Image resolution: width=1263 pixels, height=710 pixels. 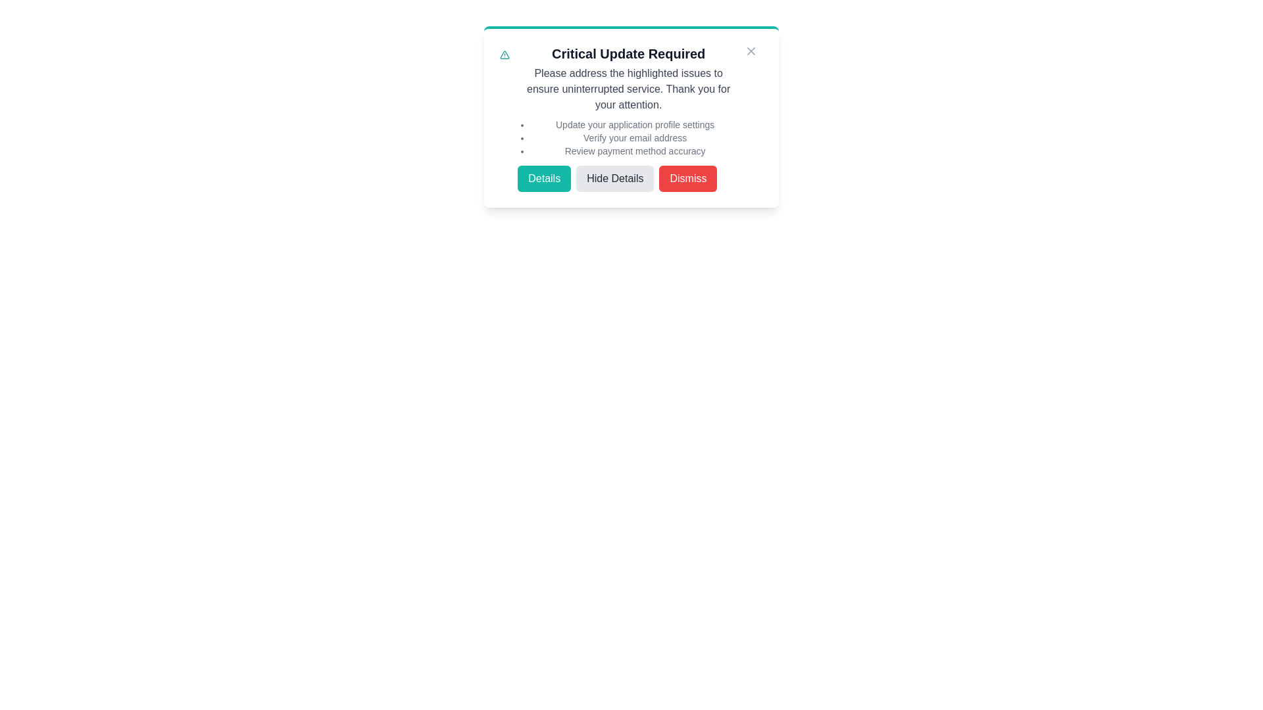 What do you see at coordinates (628, 179) in the screenshot?
I see `the rectangular button labeled 'Hide Details' with a light-gray background` at bounding box center [628, 179].